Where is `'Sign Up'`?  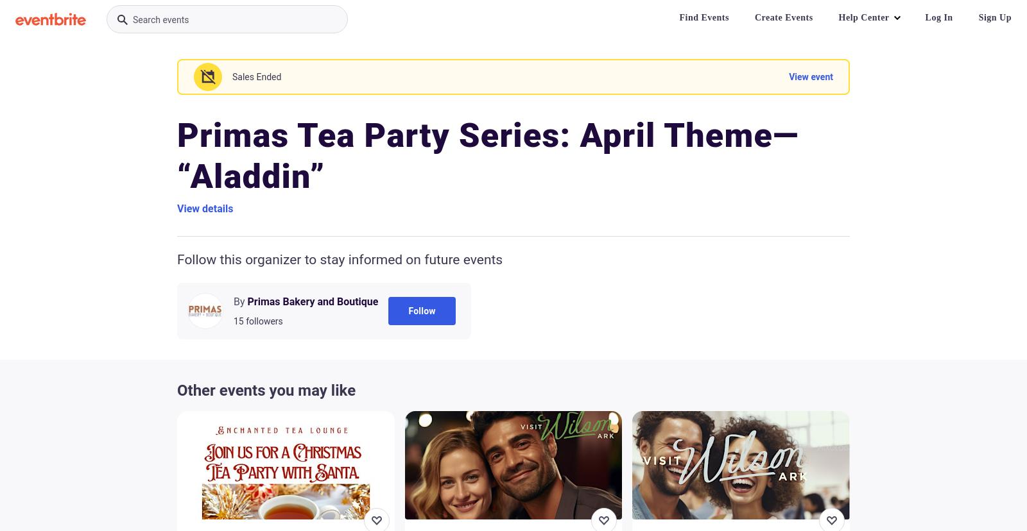 'Sign Up' is located at coordinates (995, 17).